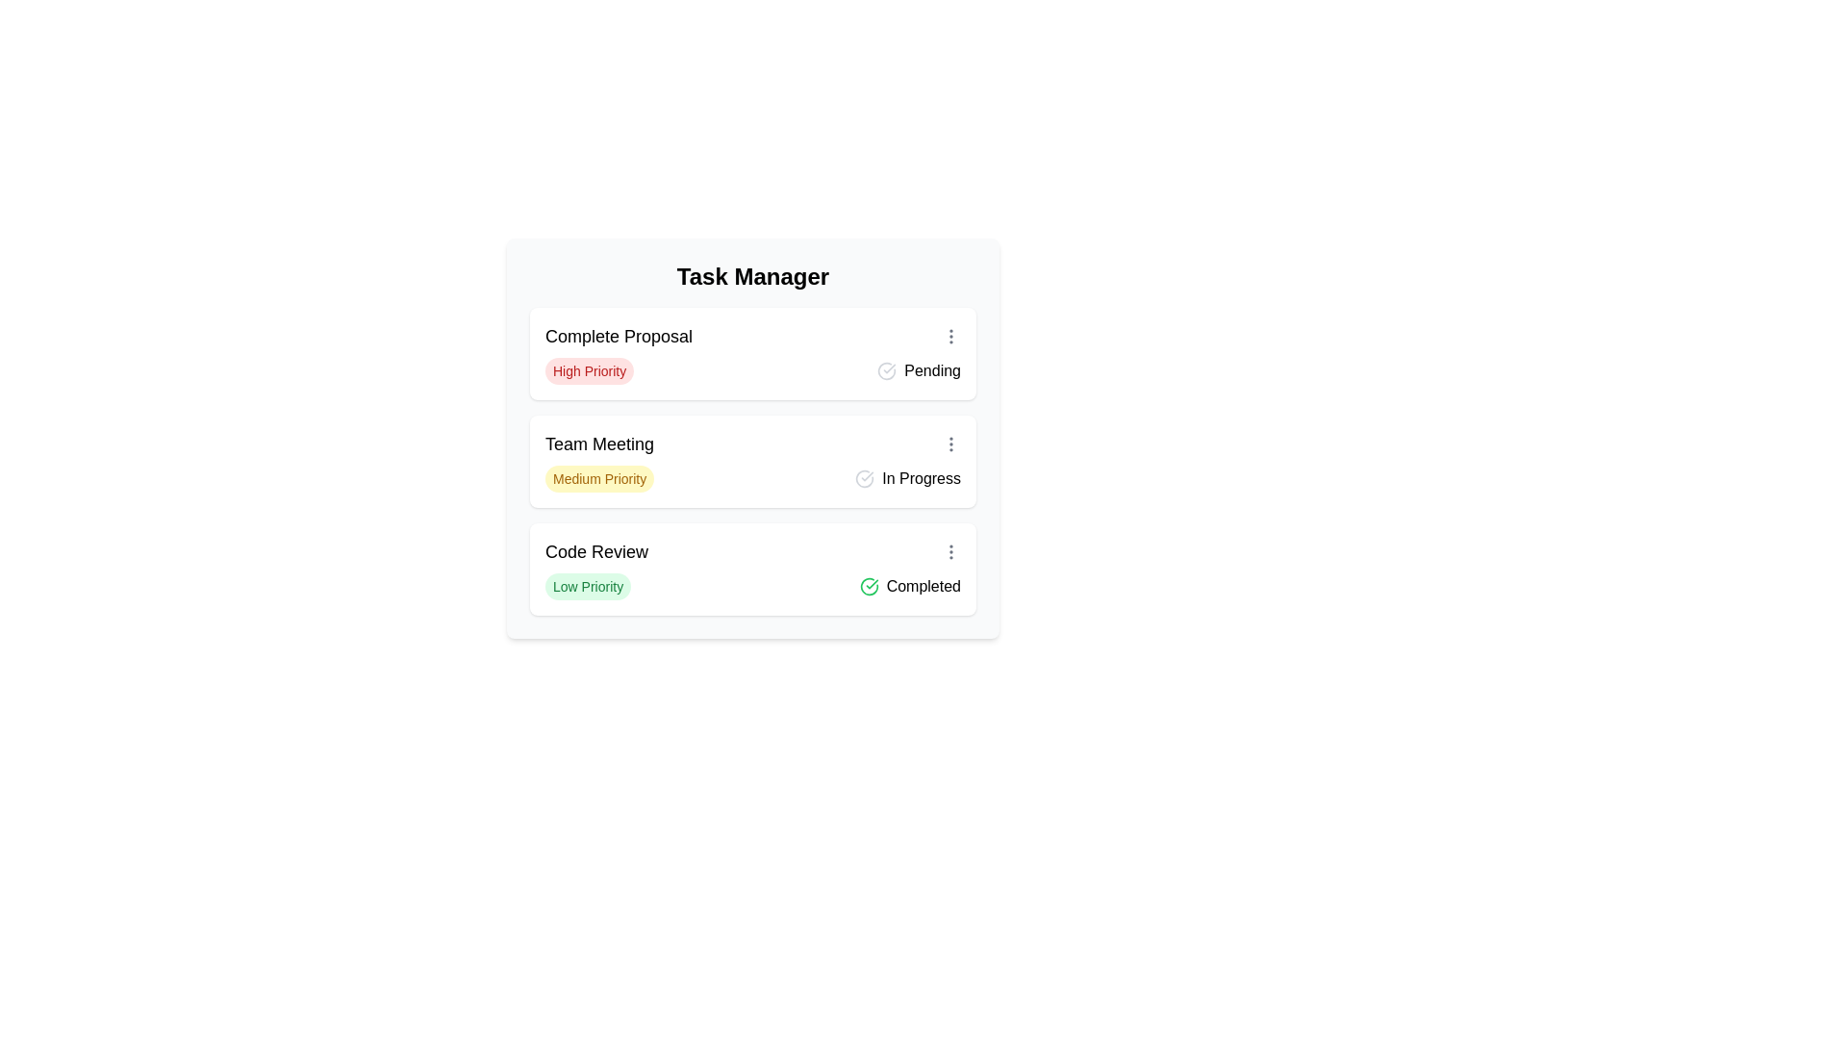  I want to click on the 'Code Review' text label located in the third row of the task list interface, which identifies the task among others, so click(595, 552).